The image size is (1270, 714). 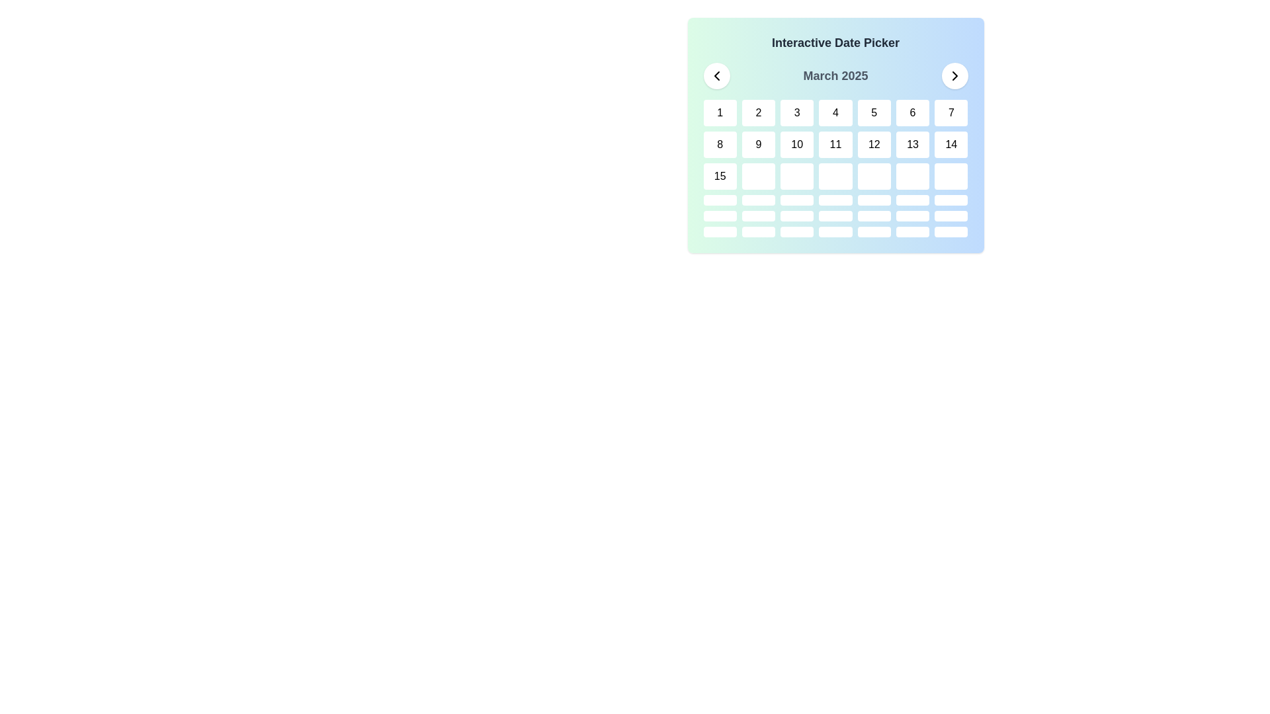 I want to click on the interactive cell button in the sixth column of the third row of the calendar interface for date selection under the 'March 2025' title, so click(x=912, y=175).